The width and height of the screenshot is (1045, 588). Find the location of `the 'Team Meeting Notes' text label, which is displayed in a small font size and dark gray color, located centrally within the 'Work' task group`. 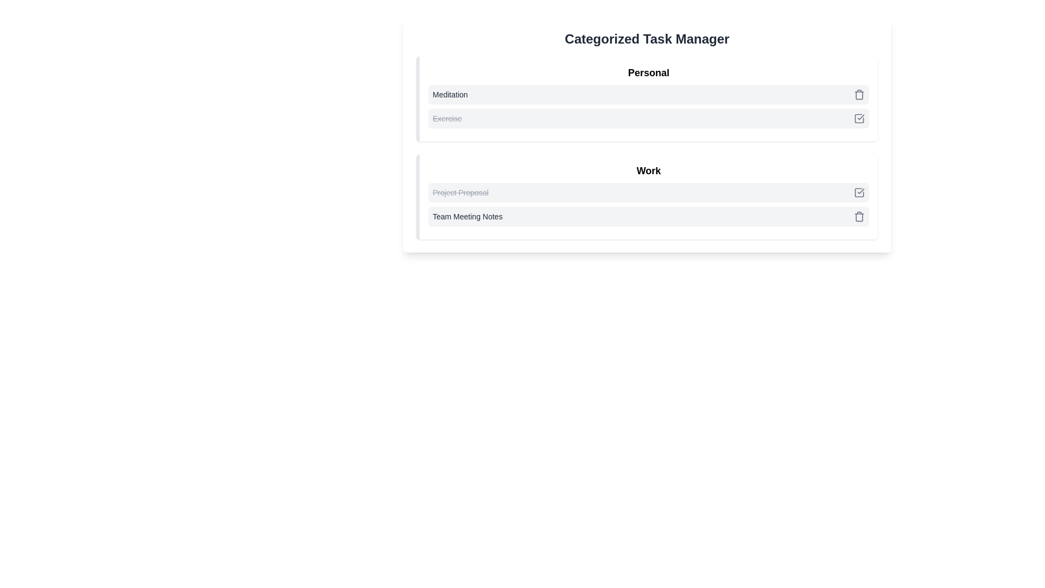

the 'Team Meeting Notes' text label, which is displayed in a small font size and dark gray color, located centrally within the 'Work' task group is located at coordinates (468, 216).